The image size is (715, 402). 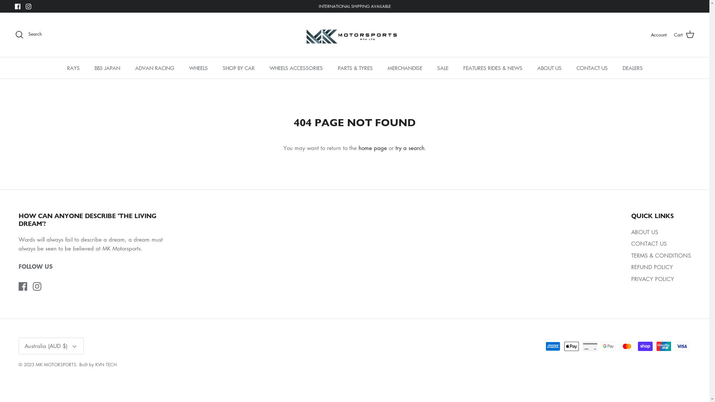 I want to click on 'RAYS', so click(x=73, y=68).